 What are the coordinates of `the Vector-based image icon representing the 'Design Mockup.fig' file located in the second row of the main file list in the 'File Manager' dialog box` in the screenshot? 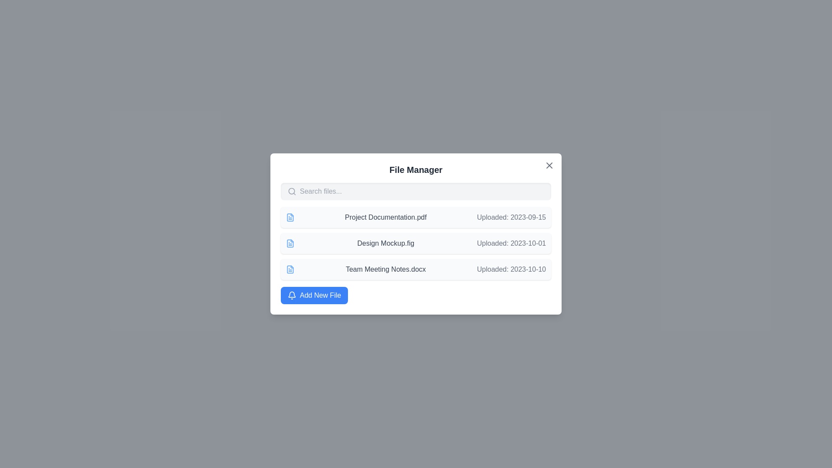 It's located at (290, 244).